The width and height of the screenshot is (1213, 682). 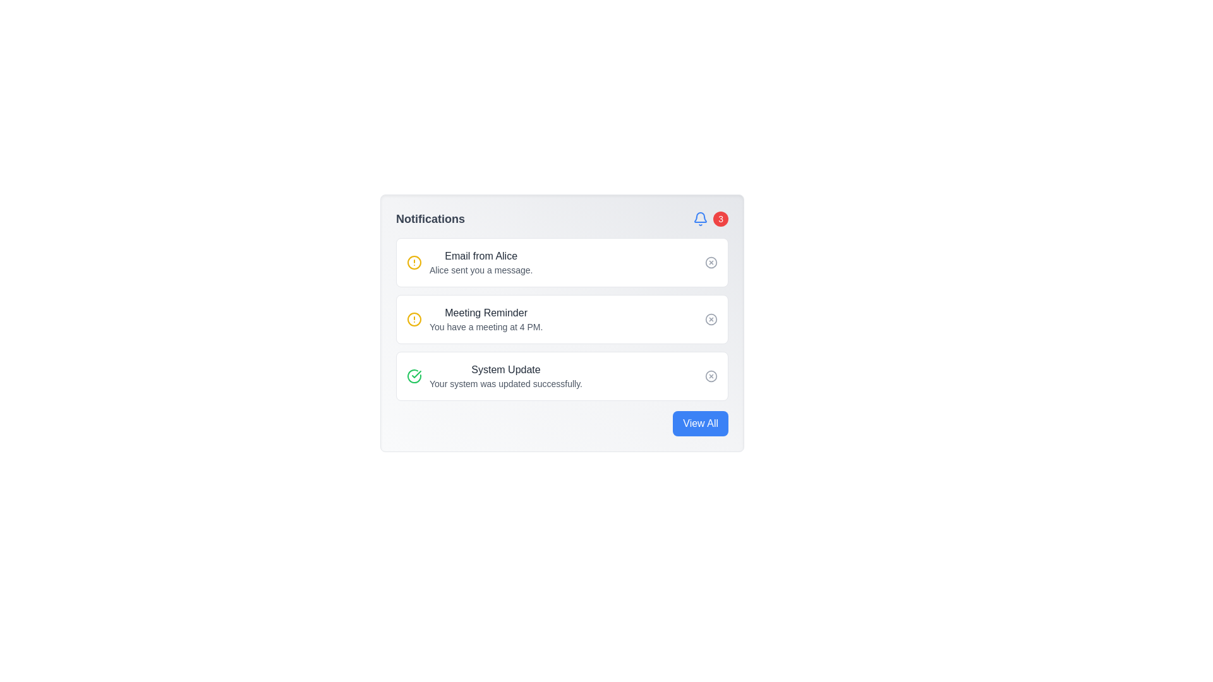 I want to click on the notification view button located at the bottom-right corner of the notification panel, so click(x=700, y=424).